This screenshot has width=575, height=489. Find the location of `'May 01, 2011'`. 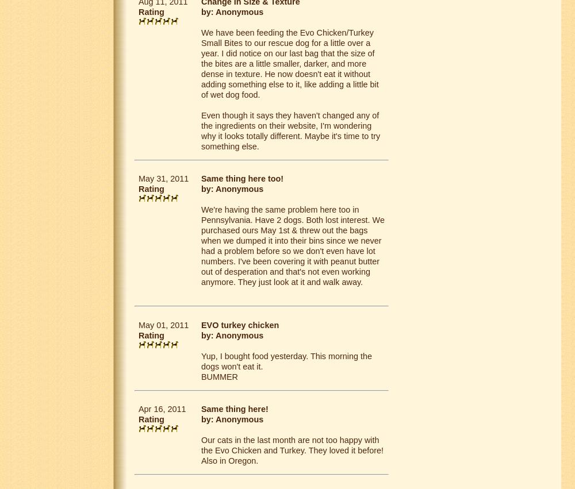

'May 01, 2011' is located at coordinates (138, 324).